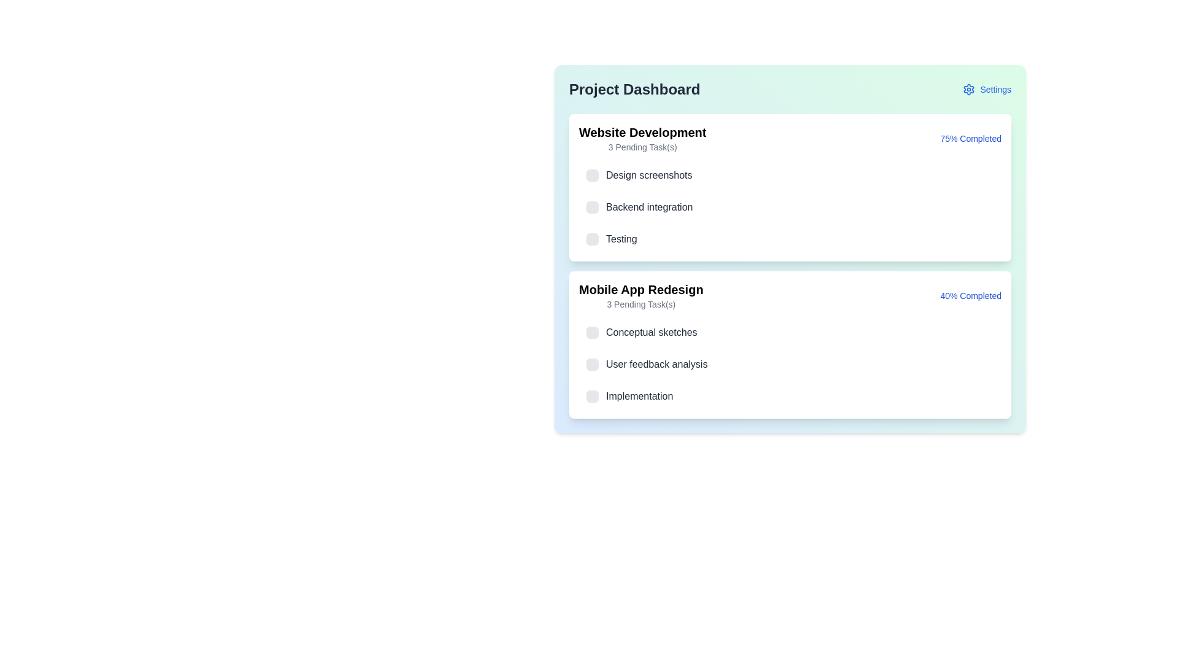  I want to click on the text label displaying 'Backend integration' in dark gray, located under the 'Website Development' section of tasks, between 'Design screenshots' and 'Testing', so click(648, 207).